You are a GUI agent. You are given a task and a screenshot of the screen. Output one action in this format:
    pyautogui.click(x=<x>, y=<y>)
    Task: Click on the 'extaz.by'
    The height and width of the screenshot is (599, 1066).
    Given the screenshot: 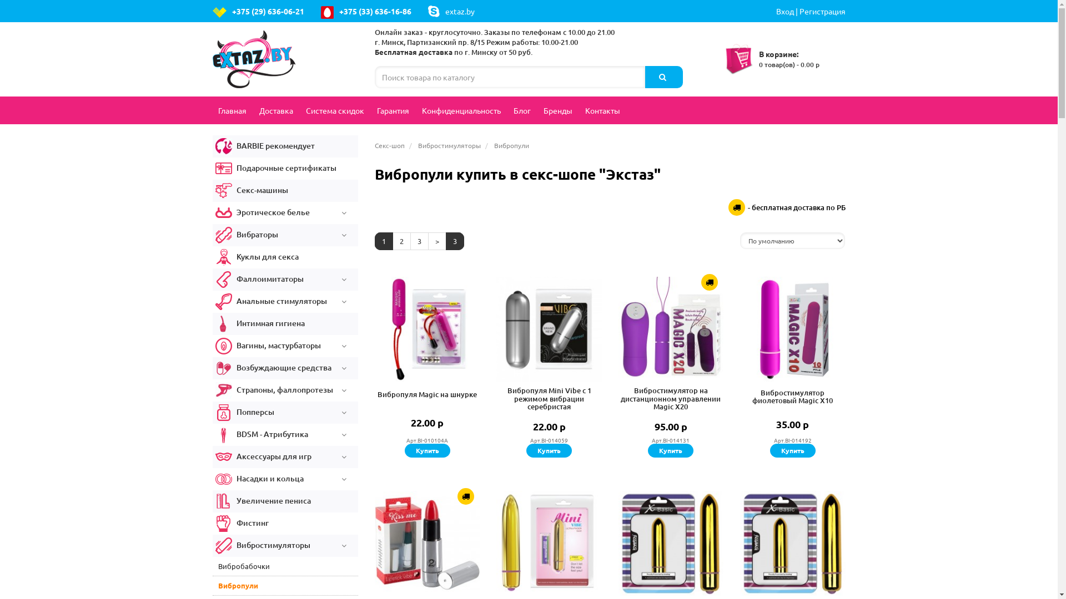 What is the action you would take?
    pyautogui.click(x=426, y=11)
    